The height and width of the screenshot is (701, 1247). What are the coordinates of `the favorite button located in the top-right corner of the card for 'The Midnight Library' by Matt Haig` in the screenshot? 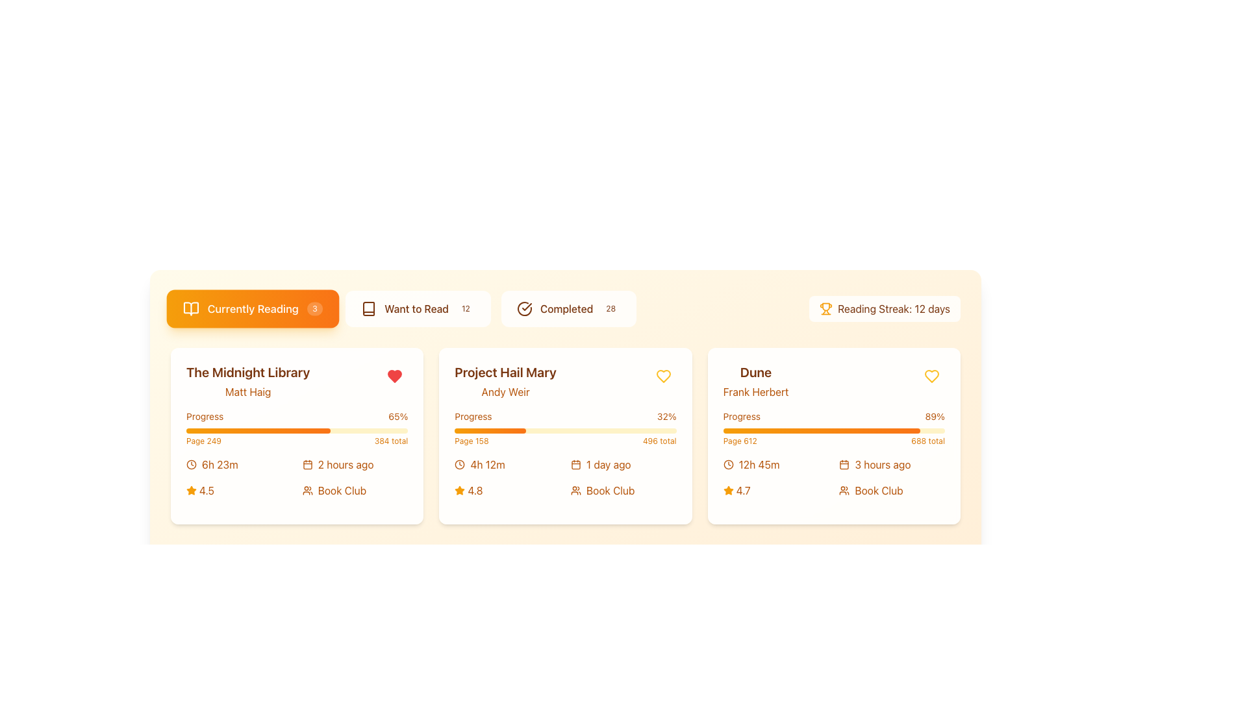 It's located at (394, 376).